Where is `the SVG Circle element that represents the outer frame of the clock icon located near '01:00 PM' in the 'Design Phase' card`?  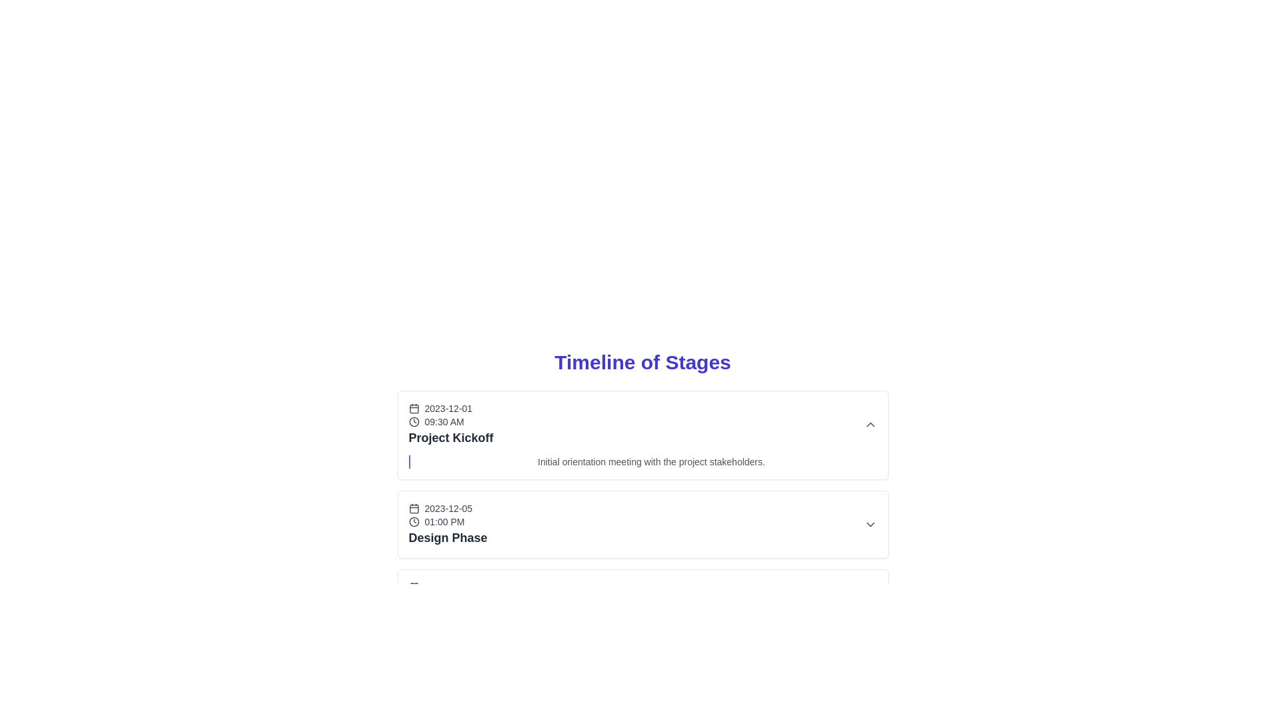
the SVG Circle element that represents the outer frame of the clock icon located near '01:00 PM' in the 'Design Phase' card is located at coordinates (413, 421).